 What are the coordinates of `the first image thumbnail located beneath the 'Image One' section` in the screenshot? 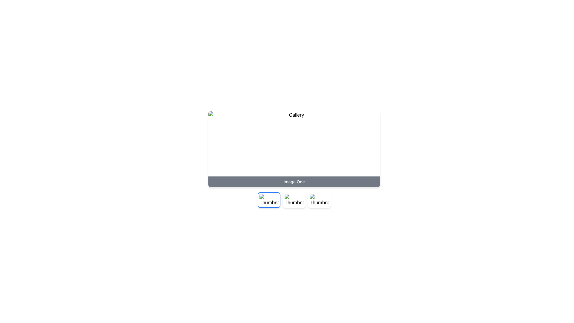 It's located at (269, 200).